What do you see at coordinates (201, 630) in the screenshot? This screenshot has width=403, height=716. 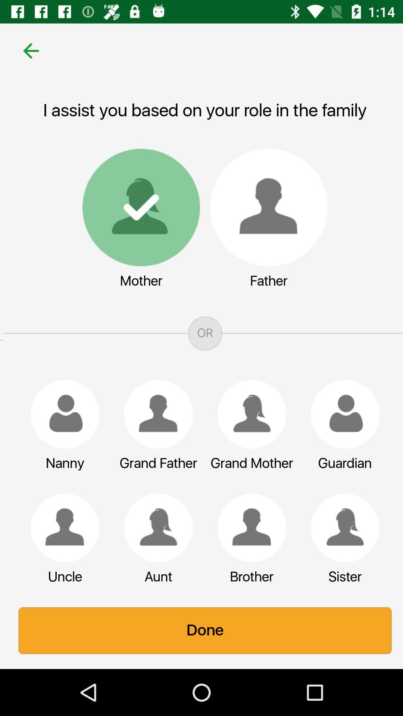 I see `the done icon` at bounding box center [201, 630].